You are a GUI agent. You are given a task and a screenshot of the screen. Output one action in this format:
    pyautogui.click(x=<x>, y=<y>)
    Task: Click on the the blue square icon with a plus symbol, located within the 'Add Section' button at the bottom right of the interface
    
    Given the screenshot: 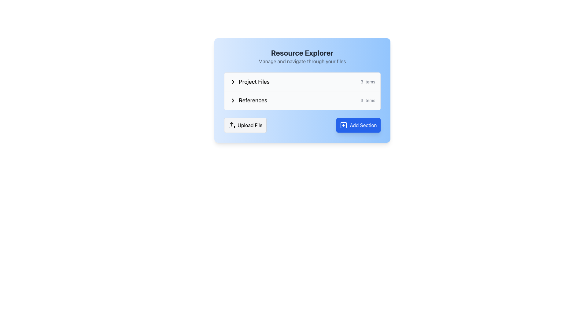 What is the action you would take?
    pyautogui.click(x=344, y=125)
    